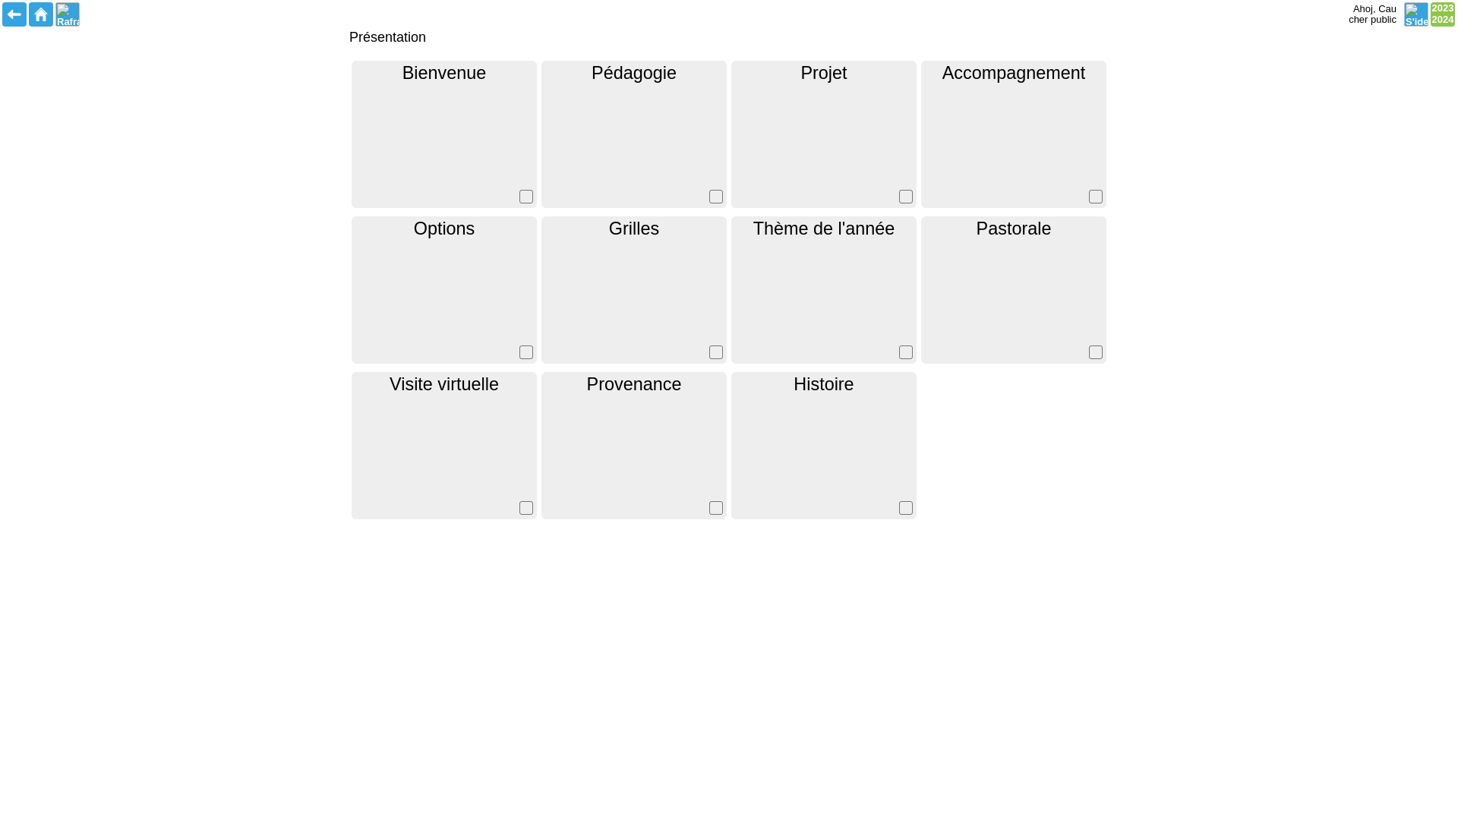  I want to click on 'Revenir sur ses pas', so click(14, 14).